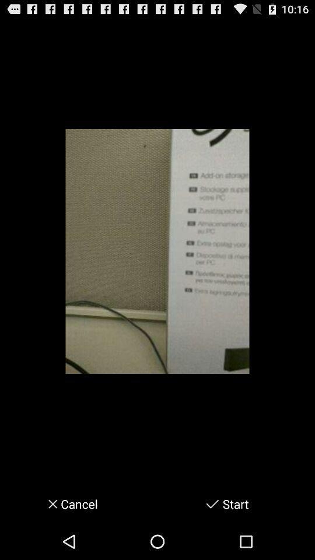 Image resolution: width=315 pixels, height=560 pixels. Describe the element at coordinates (212, 503) in the screenshot. I see `start option` at that location.